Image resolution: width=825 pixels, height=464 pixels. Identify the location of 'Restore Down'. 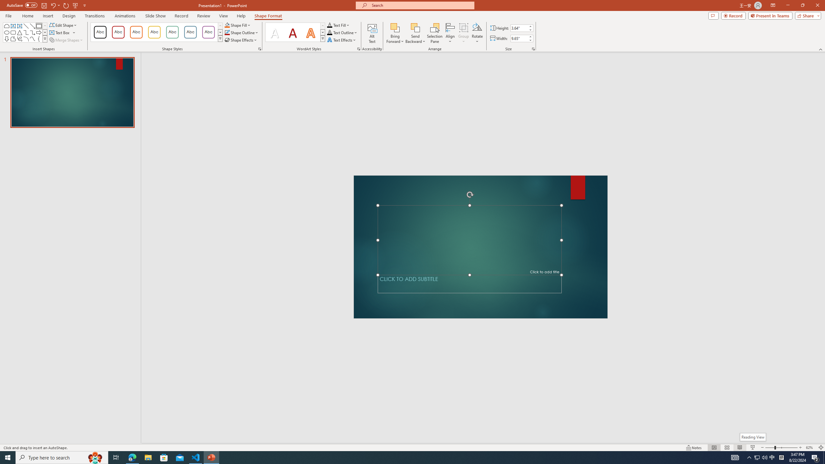
(802, 5).